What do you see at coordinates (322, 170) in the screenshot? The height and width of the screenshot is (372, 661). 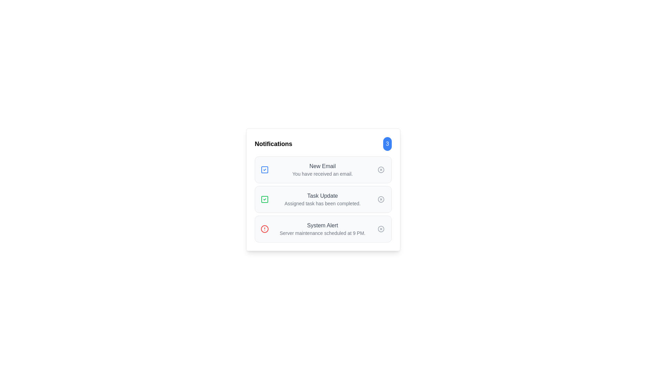 I see `information displayed in the notification summary text block, which informs the user about a new email` at bounding box center [322, 170].